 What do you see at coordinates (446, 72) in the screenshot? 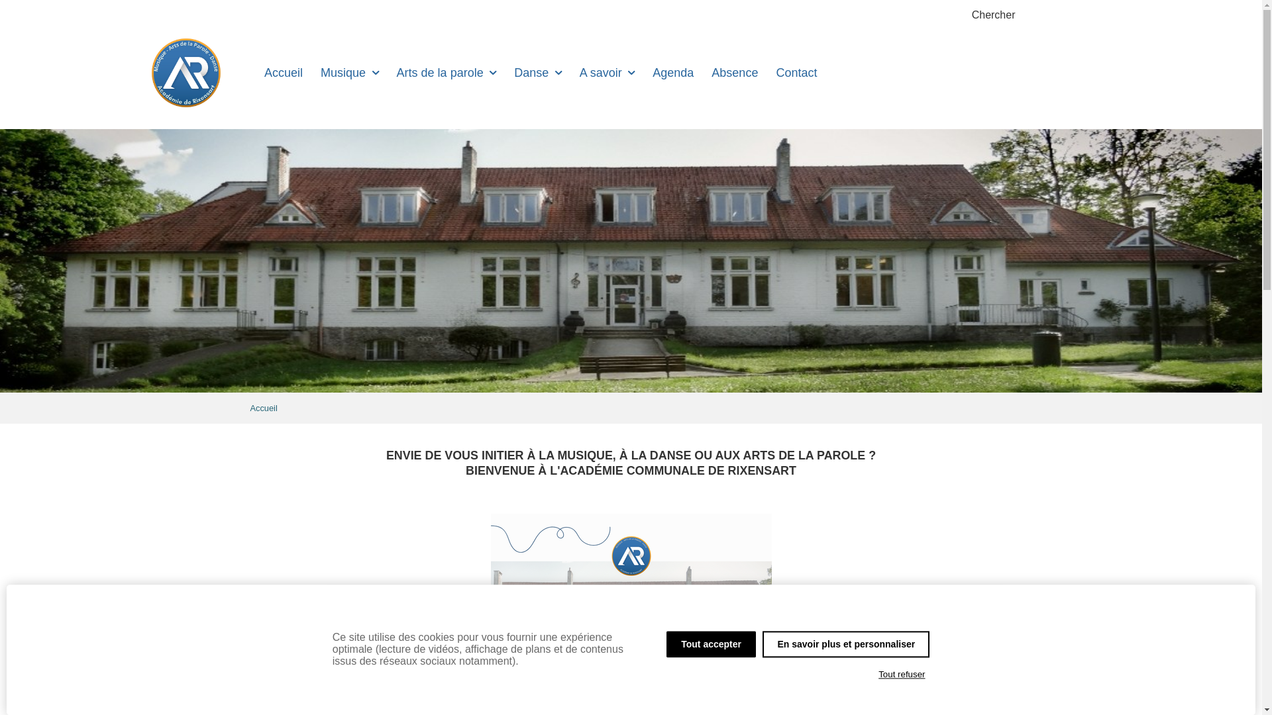
I see `'Arts de la parole'` at bounding box center [446, 72].